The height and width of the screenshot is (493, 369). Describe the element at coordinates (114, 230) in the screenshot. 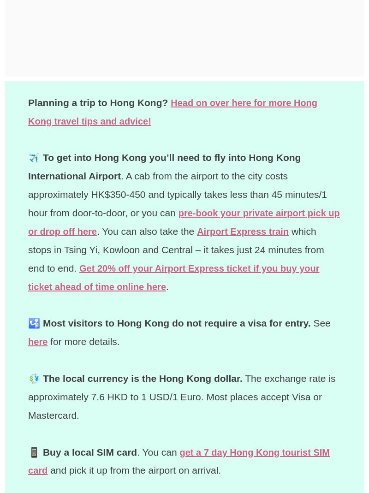

I see `'. You can also take the'` at that location.